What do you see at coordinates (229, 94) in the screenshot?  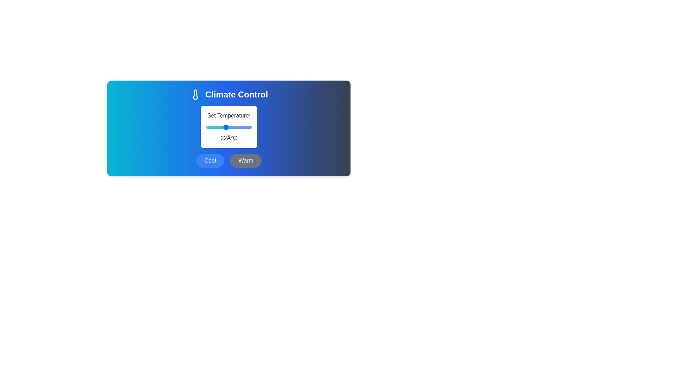 I see `the icon of the text with icon header located at the top center of the climate control interface, which serves as a title for the section` at bounding box center [229, 94].